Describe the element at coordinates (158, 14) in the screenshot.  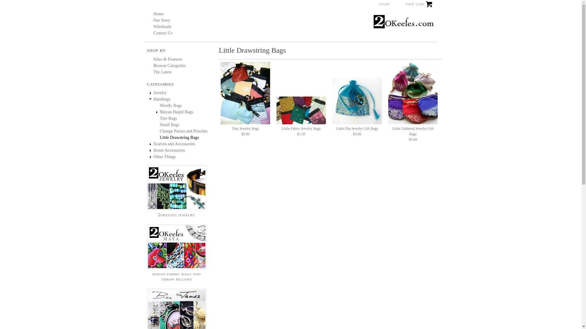
I see `'Home'` at that location.